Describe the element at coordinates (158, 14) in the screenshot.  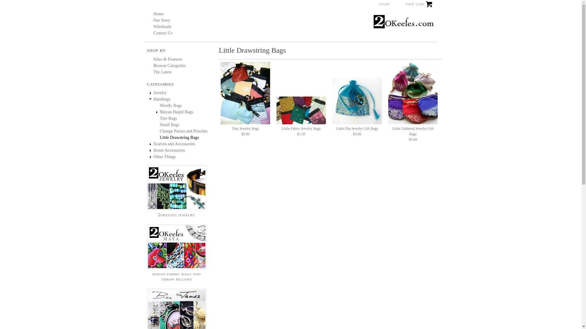
I see `'Home'` at that location.